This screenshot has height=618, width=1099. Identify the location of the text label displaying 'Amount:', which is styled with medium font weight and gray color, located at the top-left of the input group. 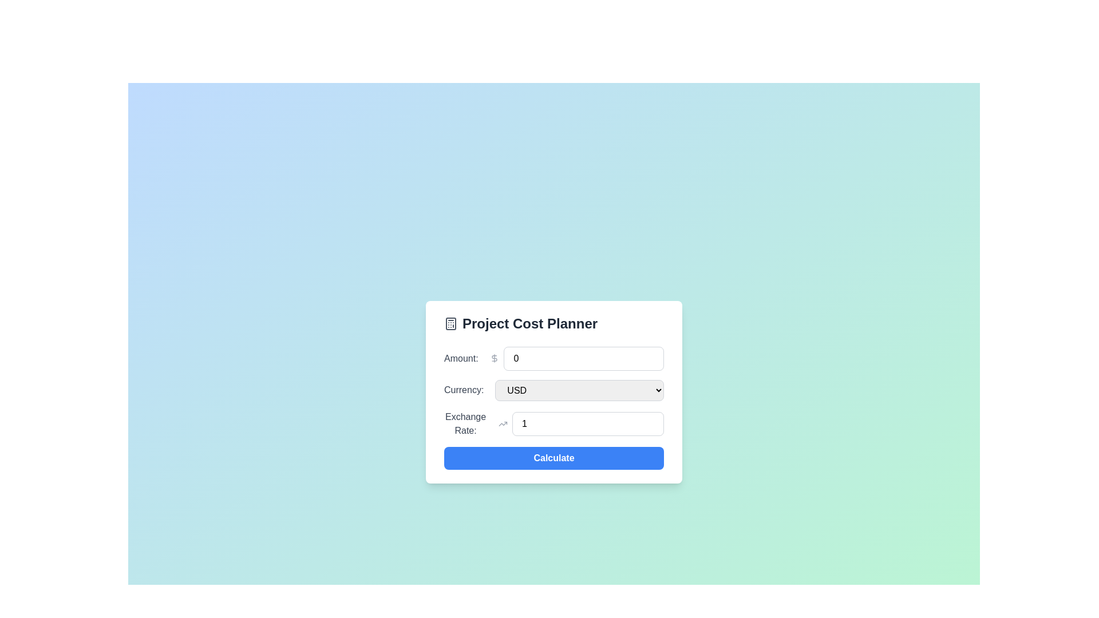
(461, 358).